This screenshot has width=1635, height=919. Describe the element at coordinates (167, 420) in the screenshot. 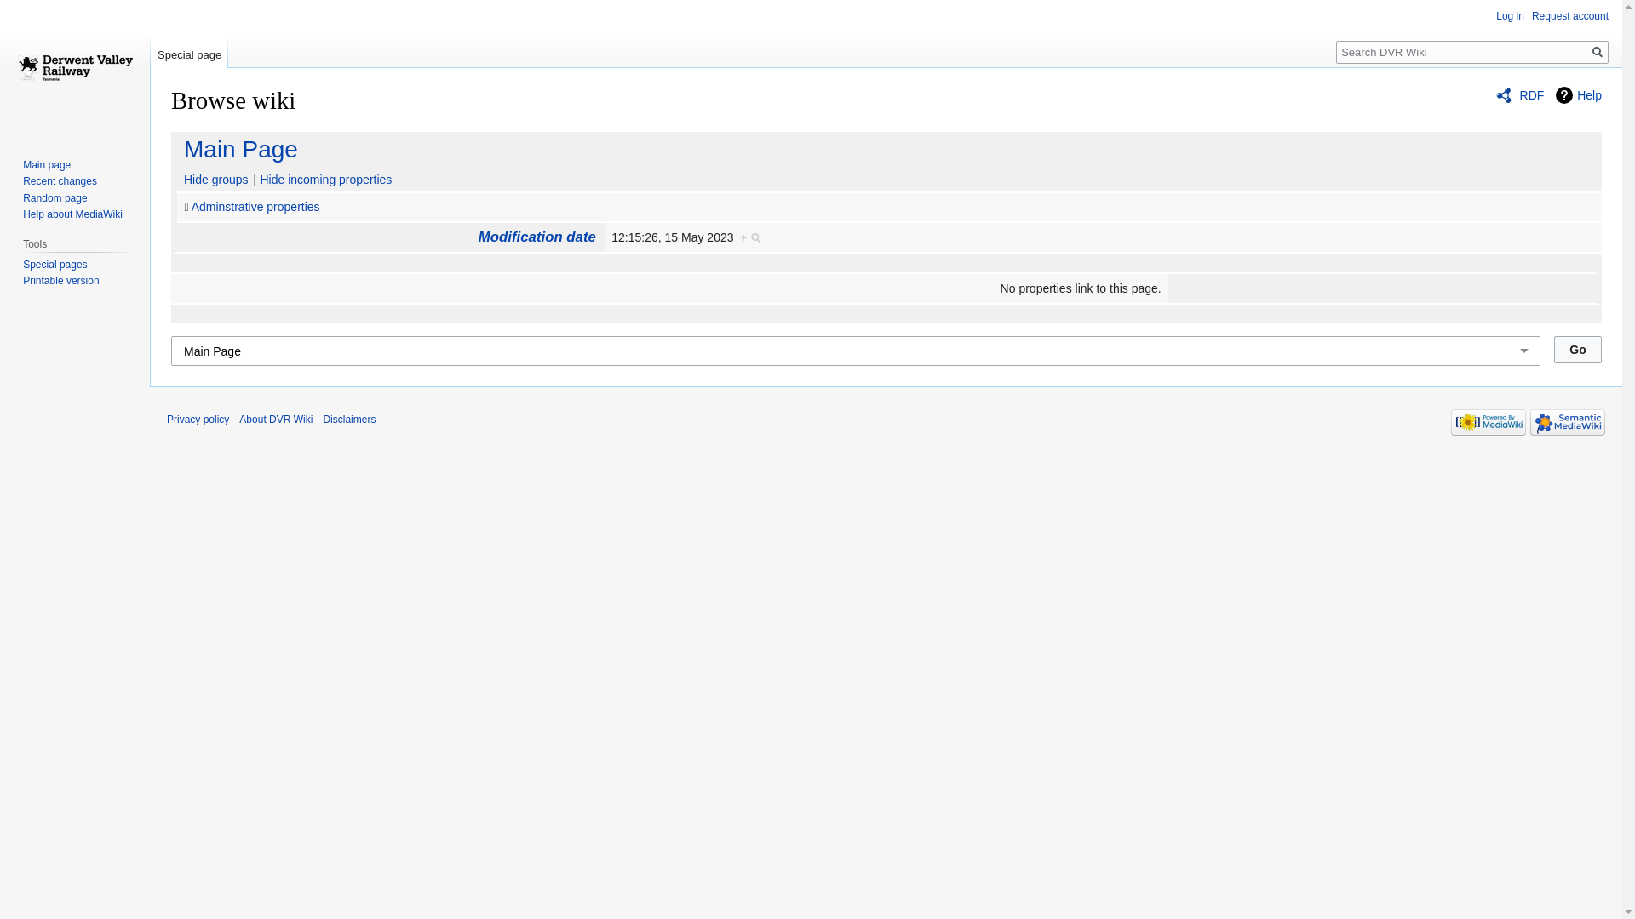

I see `'Privacy policy'` at that location.